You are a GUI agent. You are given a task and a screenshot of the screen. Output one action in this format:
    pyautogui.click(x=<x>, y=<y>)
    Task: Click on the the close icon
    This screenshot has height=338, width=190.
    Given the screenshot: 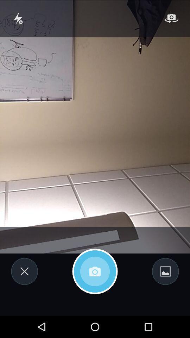 What is the action you would take?
    pyautogui.click(x=24, y=290)
    